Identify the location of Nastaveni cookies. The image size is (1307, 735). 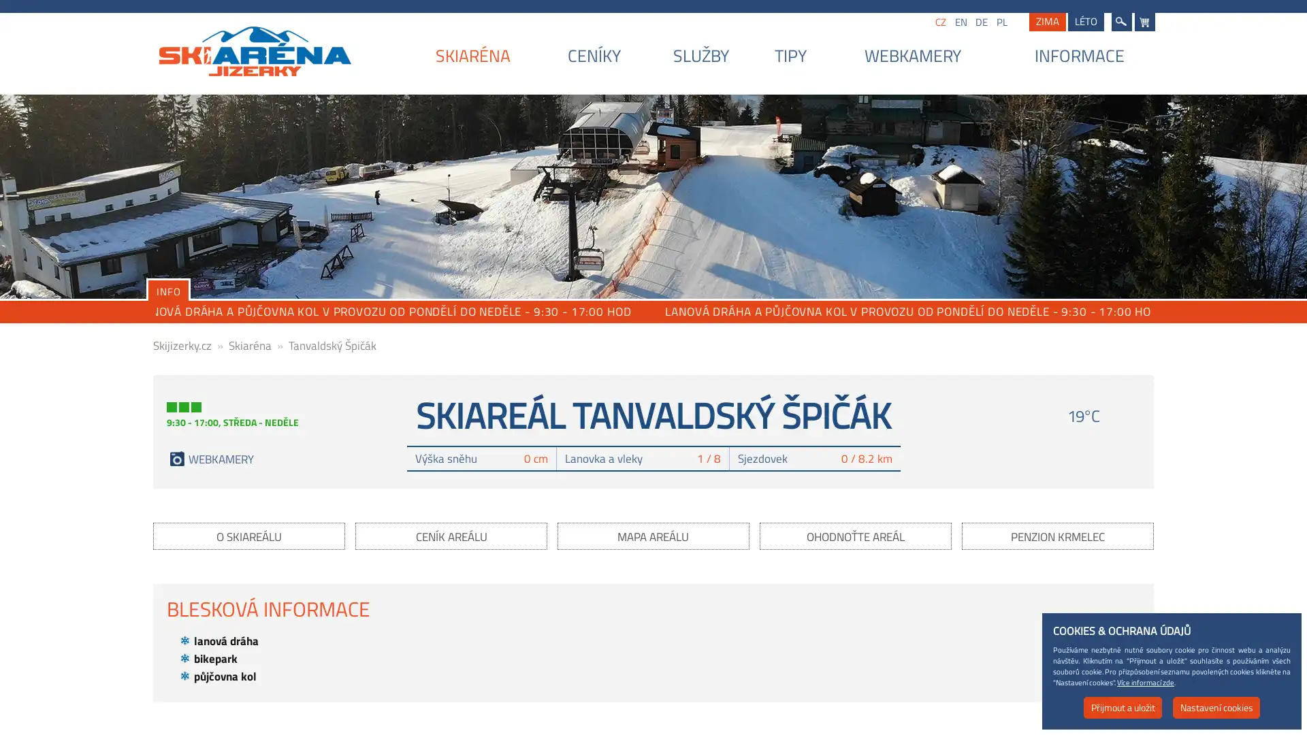
(1216, 707).